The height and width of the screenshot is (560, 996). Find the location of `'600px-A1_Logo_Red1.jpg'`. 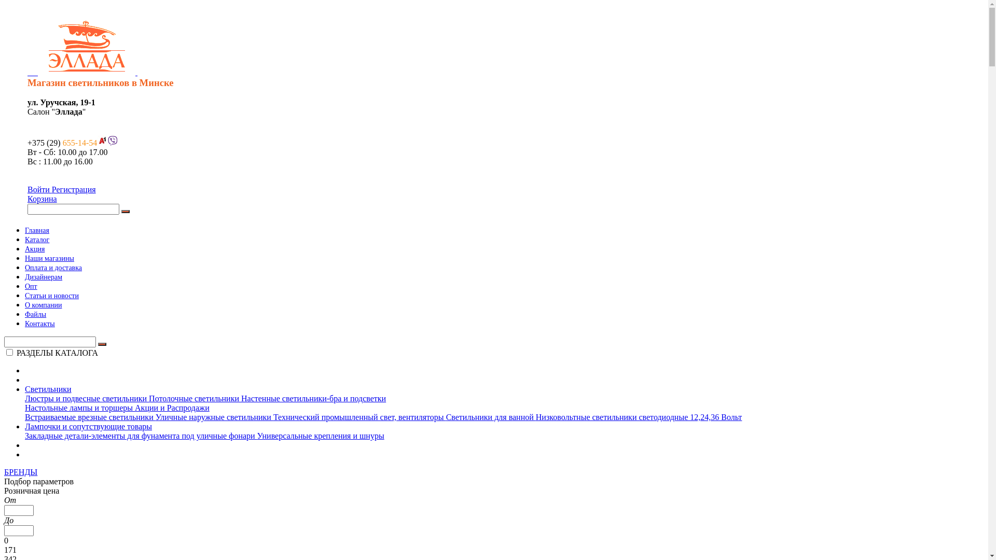

'600px-A1_Logo_Red1.jpg' is located at coordinates (102, 140).